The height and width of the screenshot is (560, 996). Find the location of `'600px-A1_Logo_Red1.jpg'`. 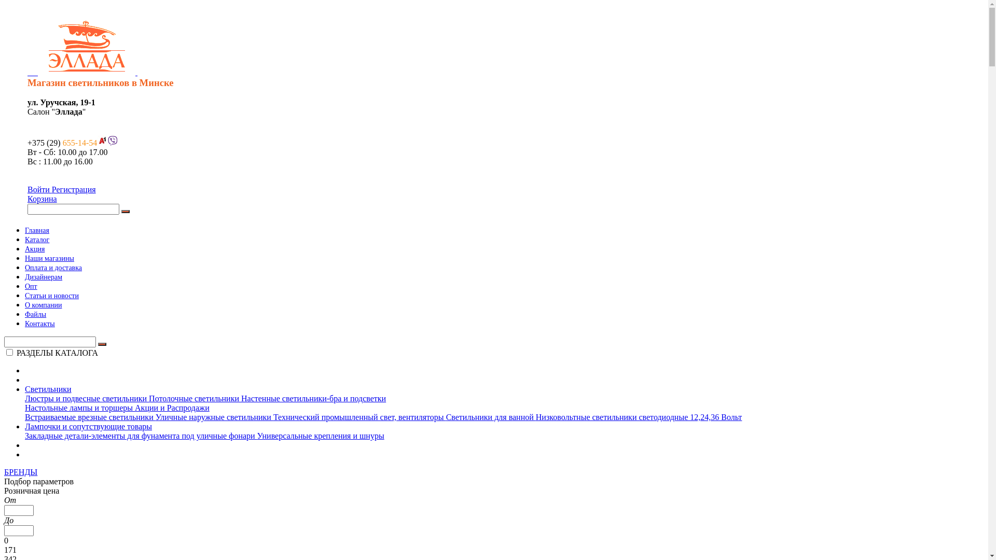

'600px-A1_Logo_Red1.jpg' is located at coordinates (102, 140).